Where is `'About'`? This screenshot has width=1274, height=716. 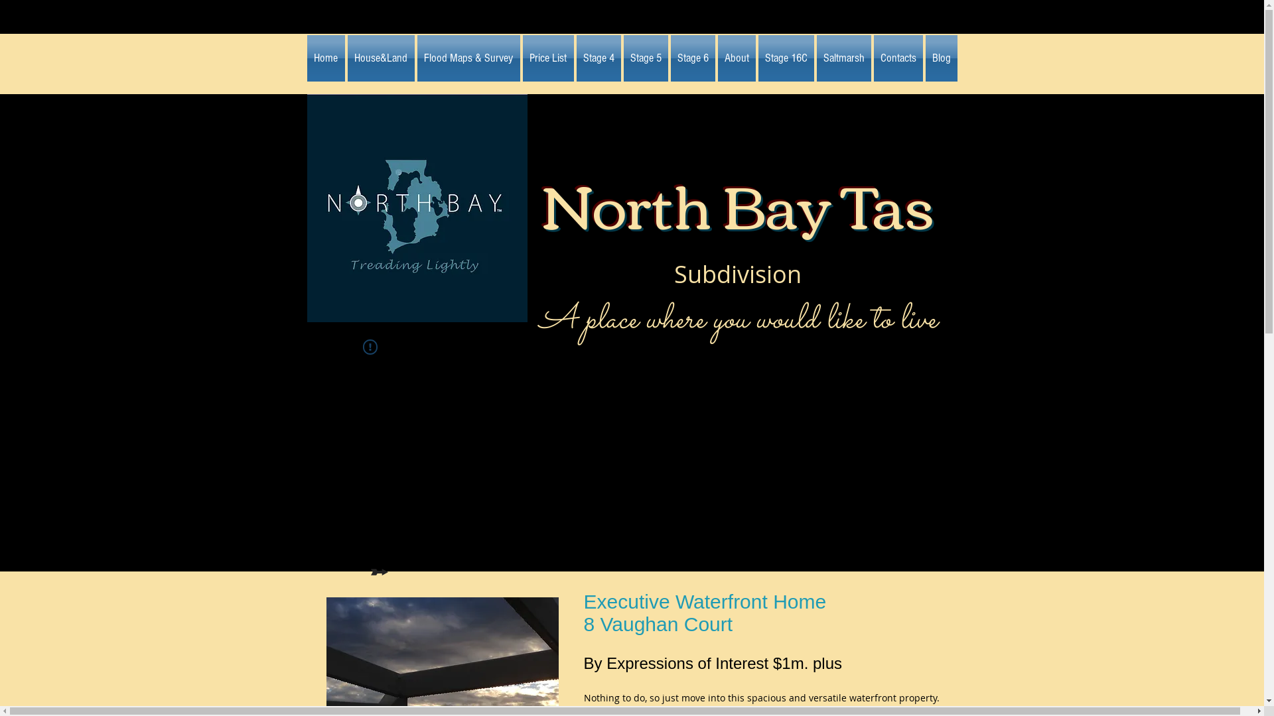
'About' is located at coordinates (716, 58).